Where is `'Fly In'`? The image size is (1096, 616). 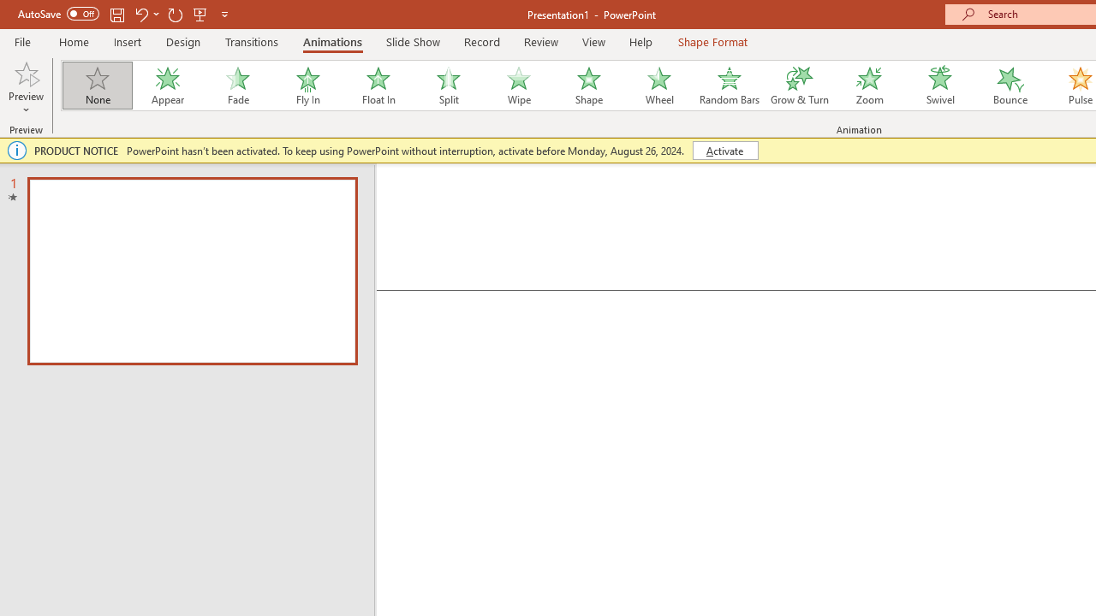
'Fly In' is located at coordinates (307, 86).